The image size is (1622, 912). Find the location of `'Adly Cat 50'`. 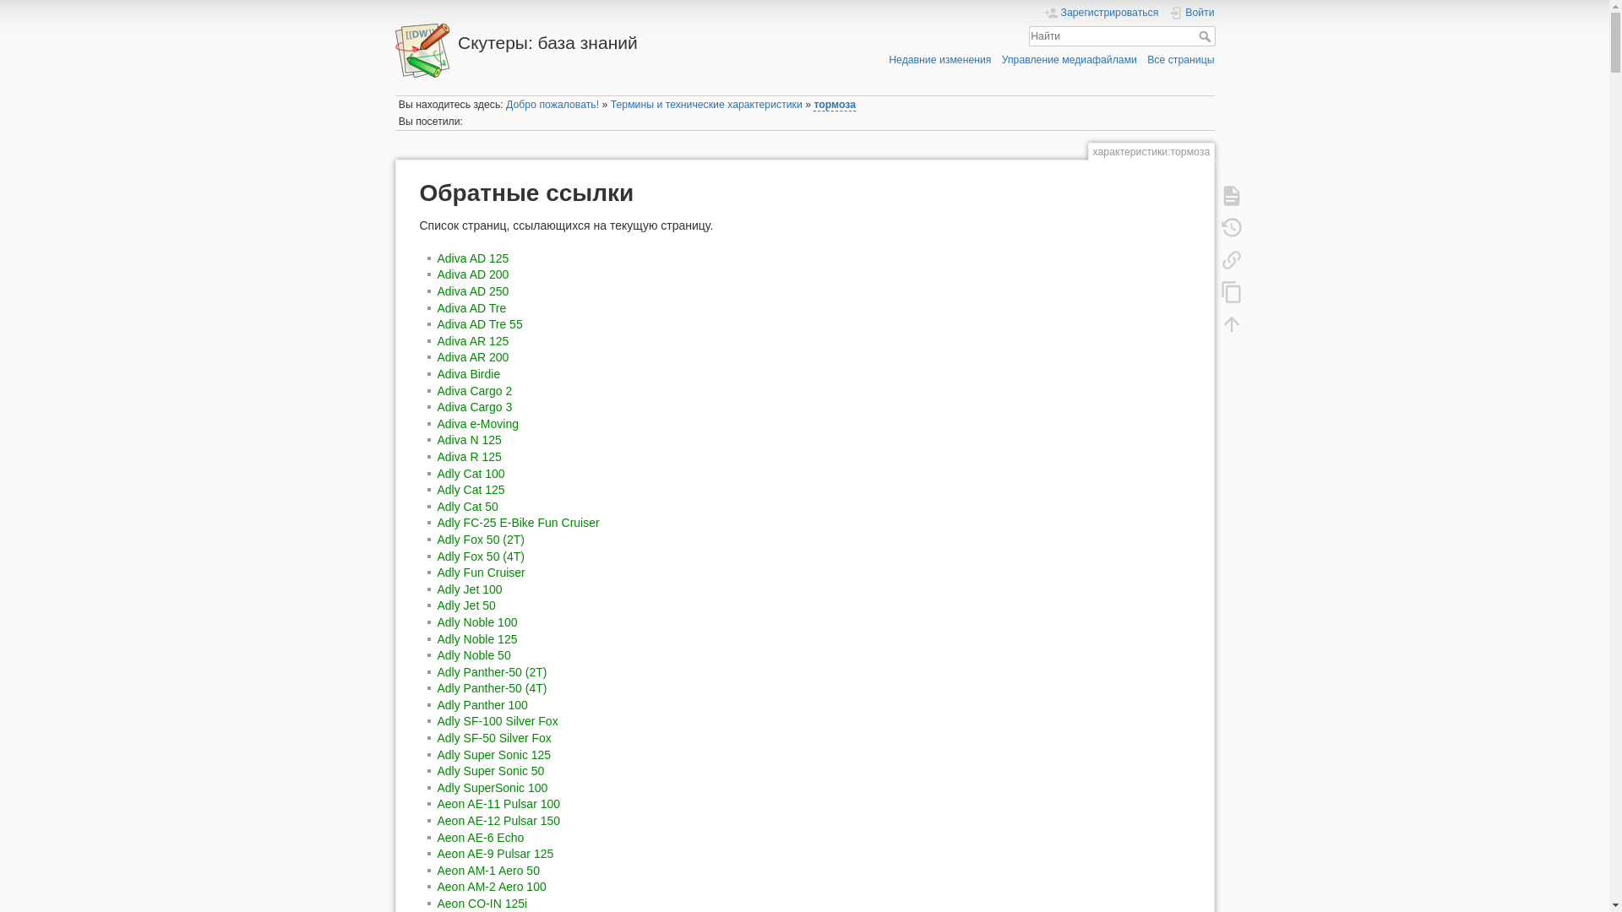

'Adly Cat 50' is located at coordinates (467, 506).